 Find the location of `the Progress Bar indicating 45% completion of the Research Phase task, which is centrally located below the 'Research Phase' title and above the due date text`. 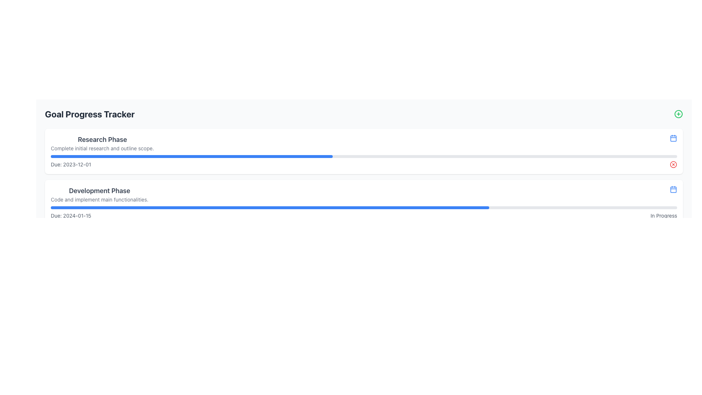

the Progress Bar indicating 45% completion of the Research Phase task, which is centrally located below the 'Research Phase' title and above the due date text is located at coordinates (364, 156).